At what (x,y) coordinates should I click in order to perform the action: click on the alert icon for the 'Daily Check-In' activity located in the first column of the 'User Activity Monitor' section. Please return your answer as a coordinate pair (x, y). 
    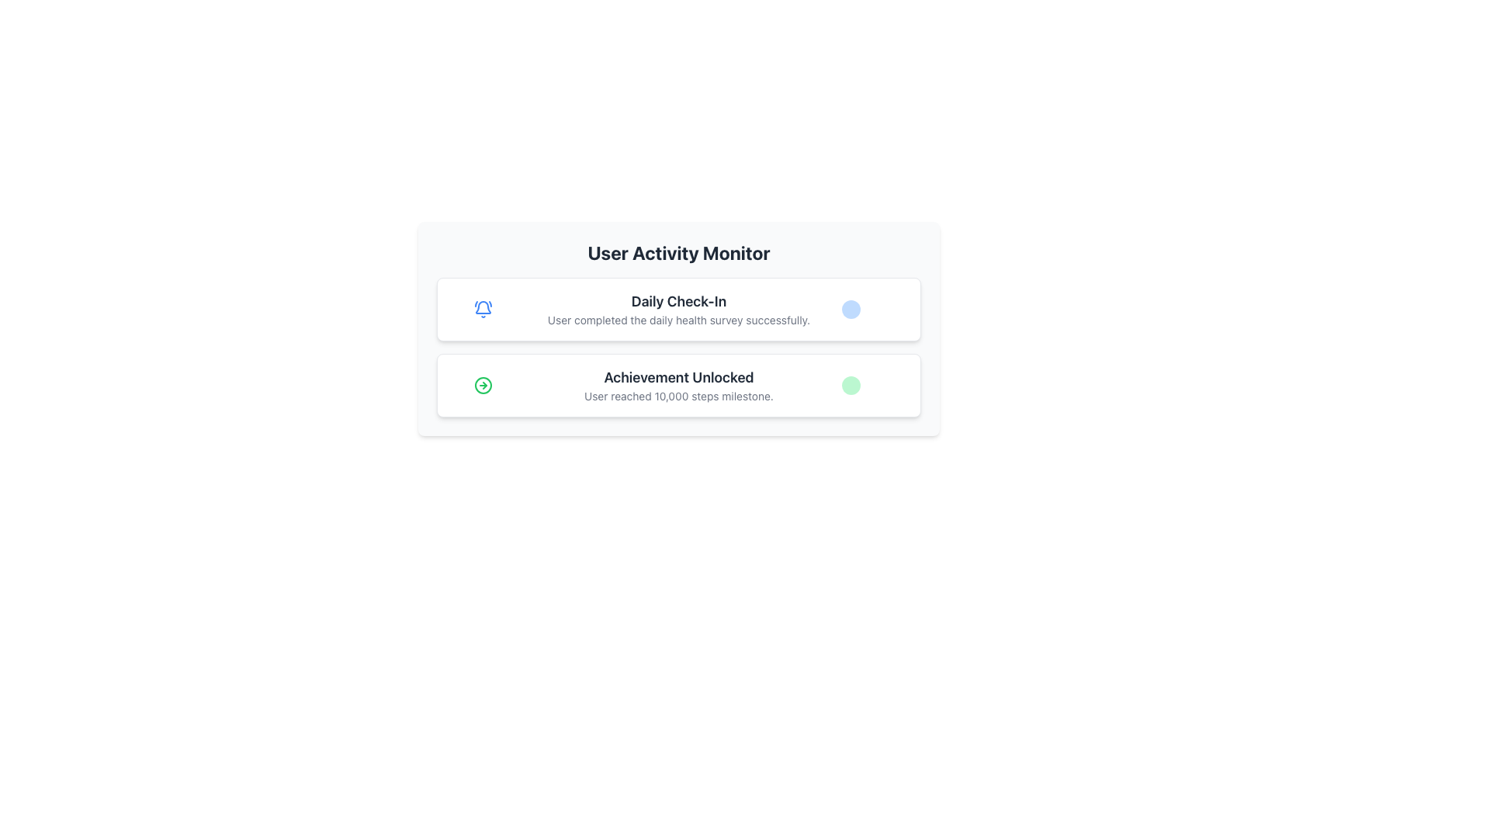
    Looking at the image, I should click on (482, 309).